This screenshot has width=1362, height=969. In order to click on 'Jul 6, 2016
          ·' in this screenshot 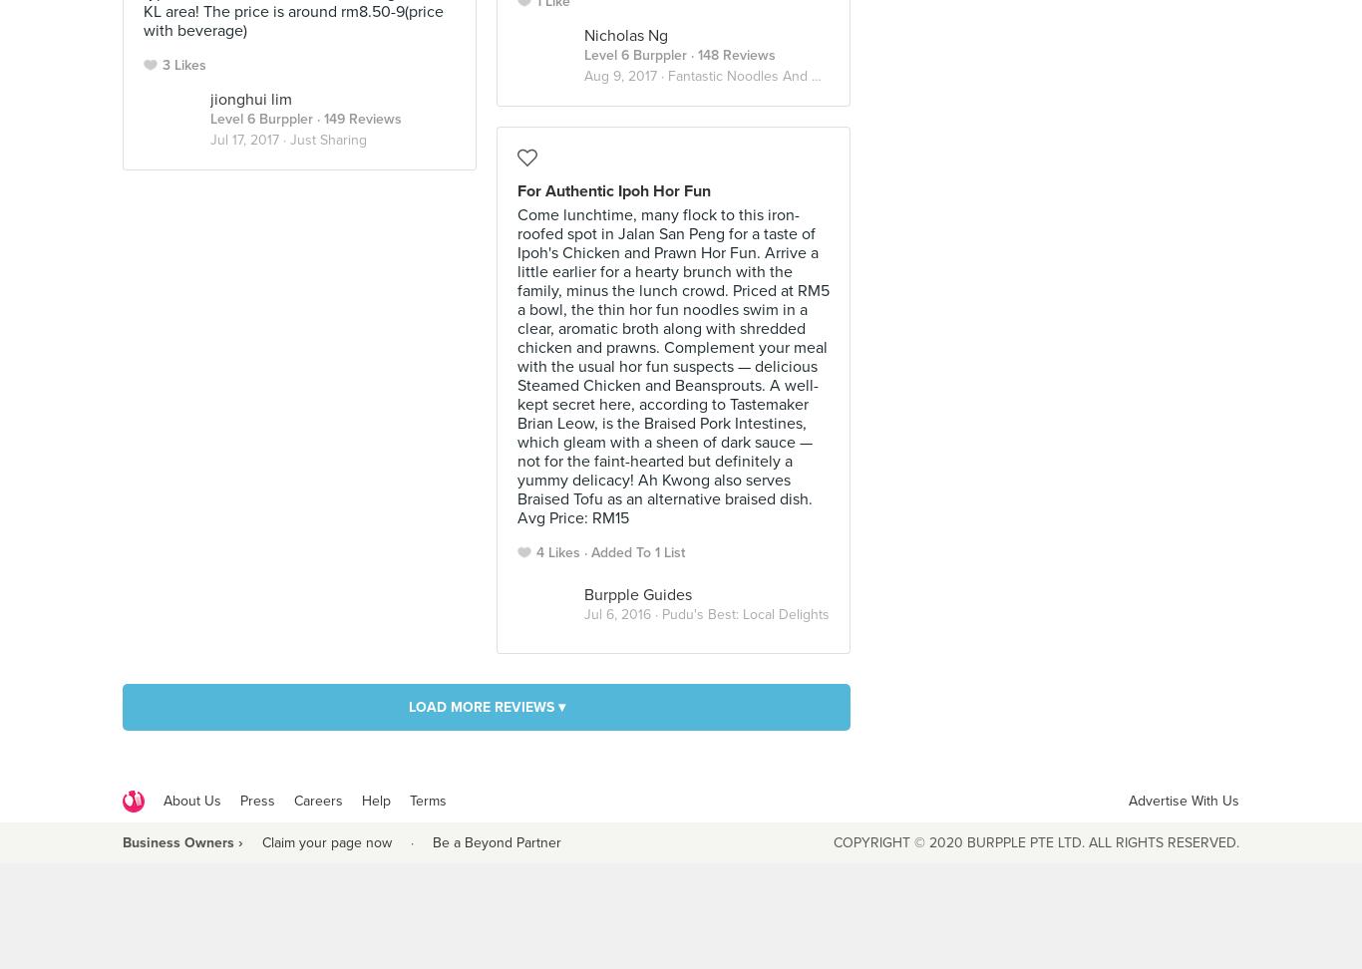, I will do `click(621, 614)`.